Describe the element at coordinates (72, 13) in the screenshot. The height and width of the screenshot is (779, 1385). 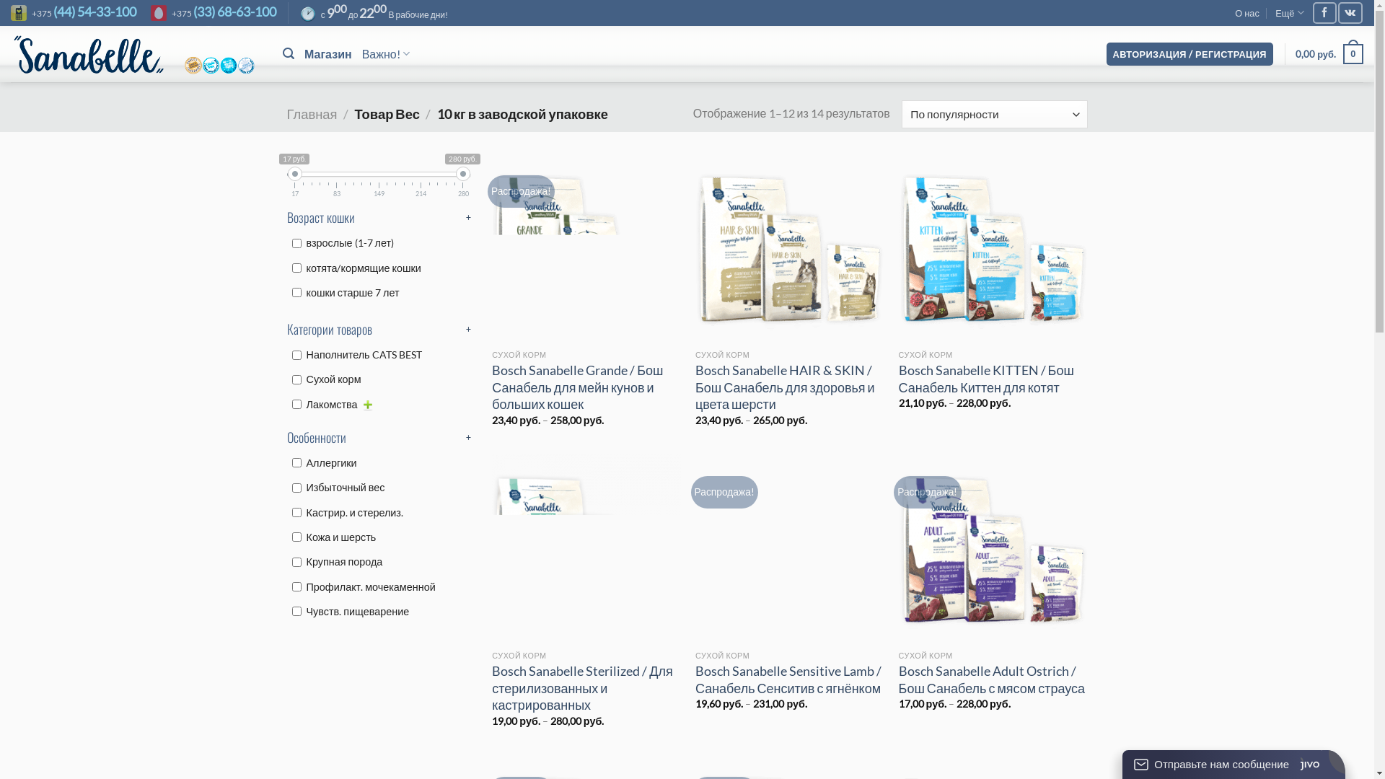
I see `'+375 (44) 54-33-100'` at that location.